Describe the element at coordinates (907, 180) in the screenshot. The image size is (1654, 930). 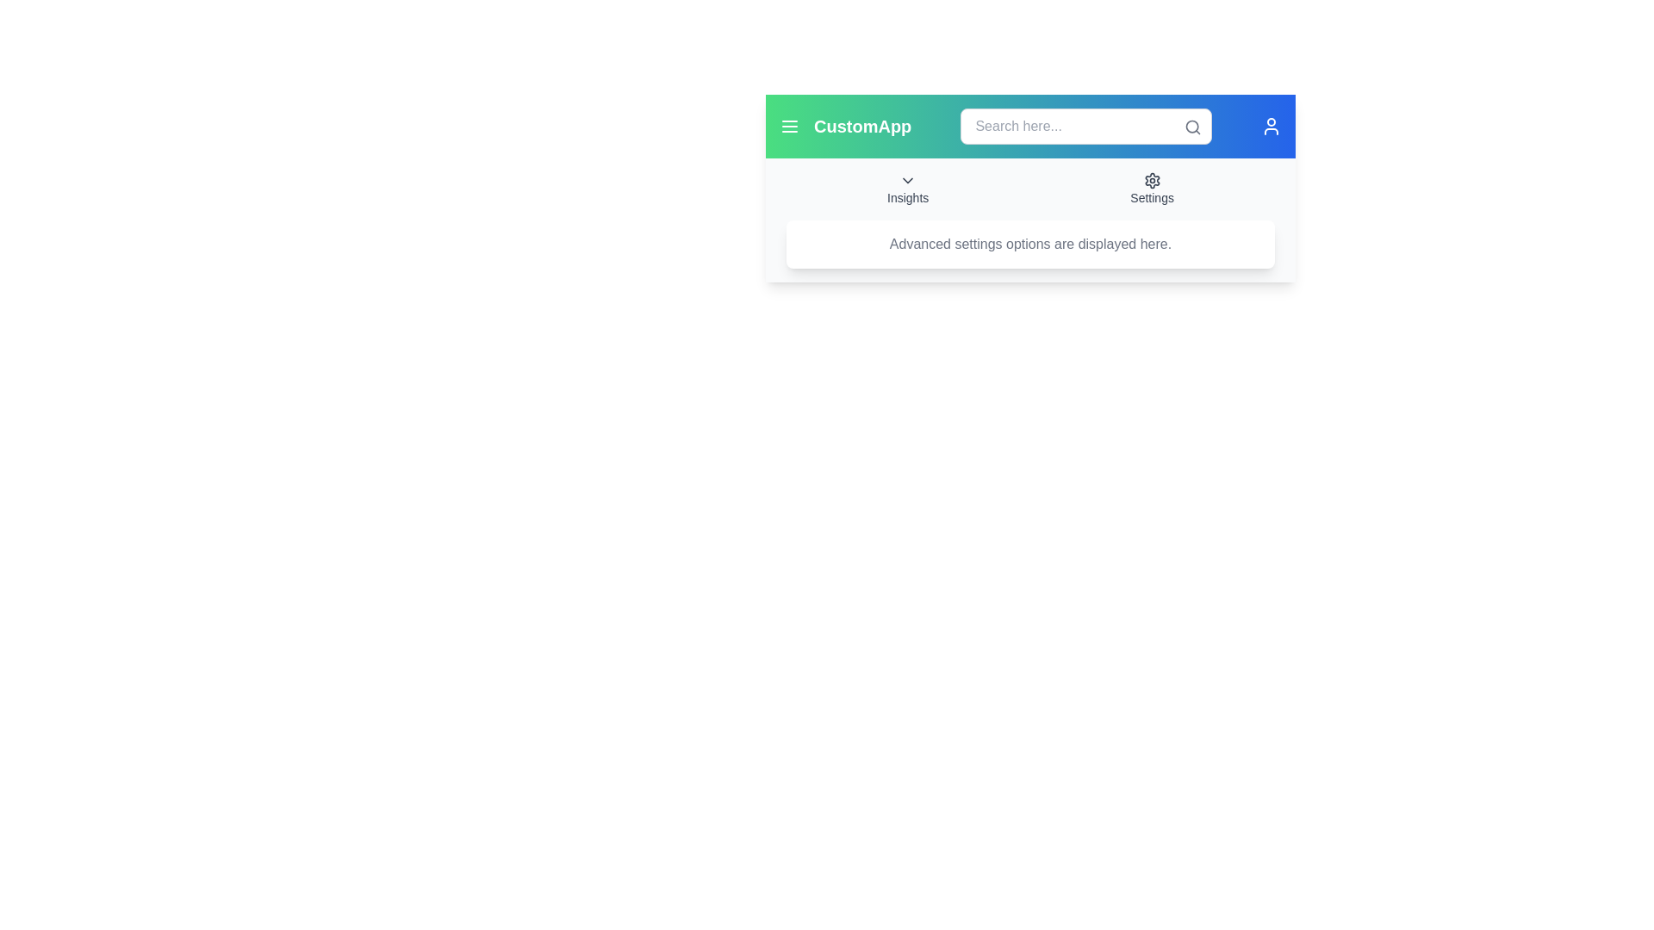
I see `the Dropdown toggle icon located above the 'Insights' text label in the top navigation bar, positioned between the 'CustomApp' branding and the 'Settings' icon` at that location.